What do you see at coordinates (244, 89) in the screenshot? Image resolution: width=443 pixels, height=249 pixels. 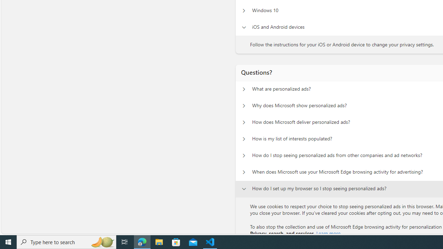 I see `'Questions? What are personalized ads?'` at bounding box center [244, 89].